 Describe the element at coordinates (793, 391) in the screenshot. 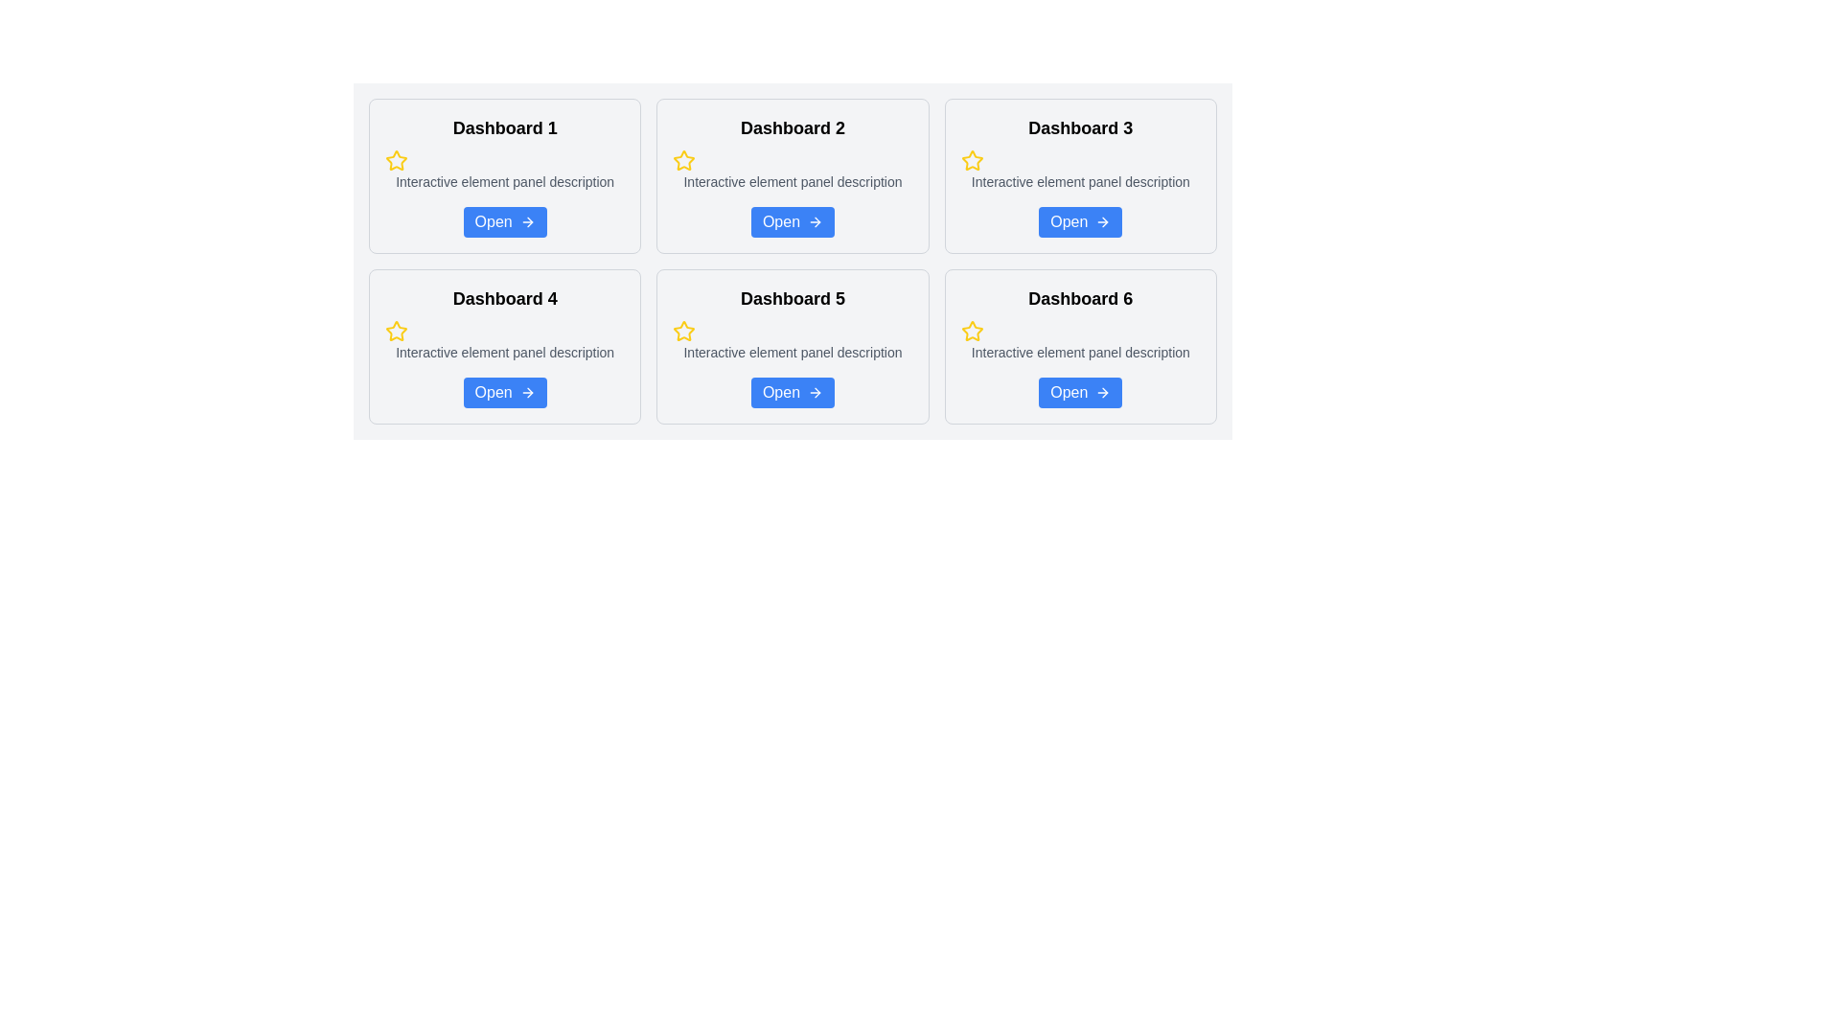

I see `the button located in the bottom-right corner of the 'Dashboard 5' panel` at that location.